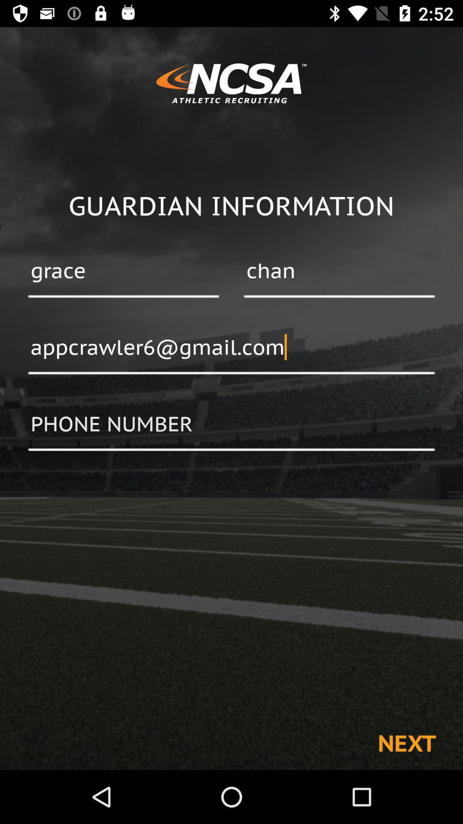 This screenshot has height=824, width=463. What do you see at coordinates (123, 271) in the screenshot?
I see `item next to the chan icon` at bounding box center [123, 271].